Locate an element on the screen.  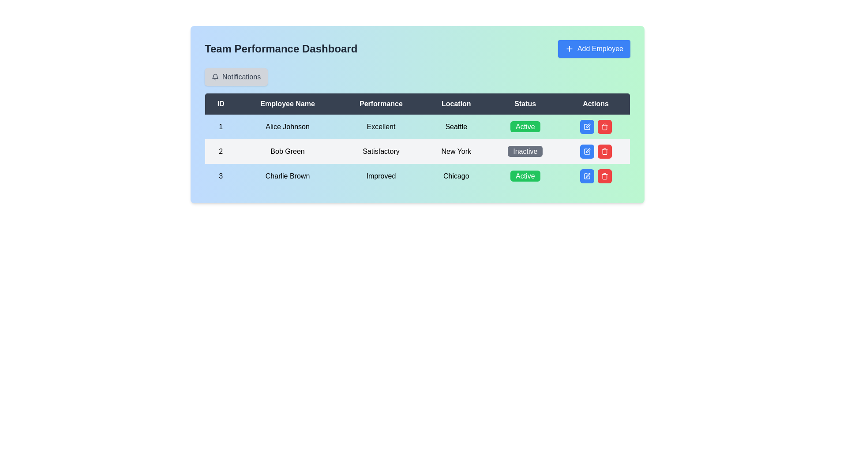
the delete IconButton located in the rightmost column of the 'Actions' section for the row corresponding to 'Bob Green' is located at coordinates (604, 177).